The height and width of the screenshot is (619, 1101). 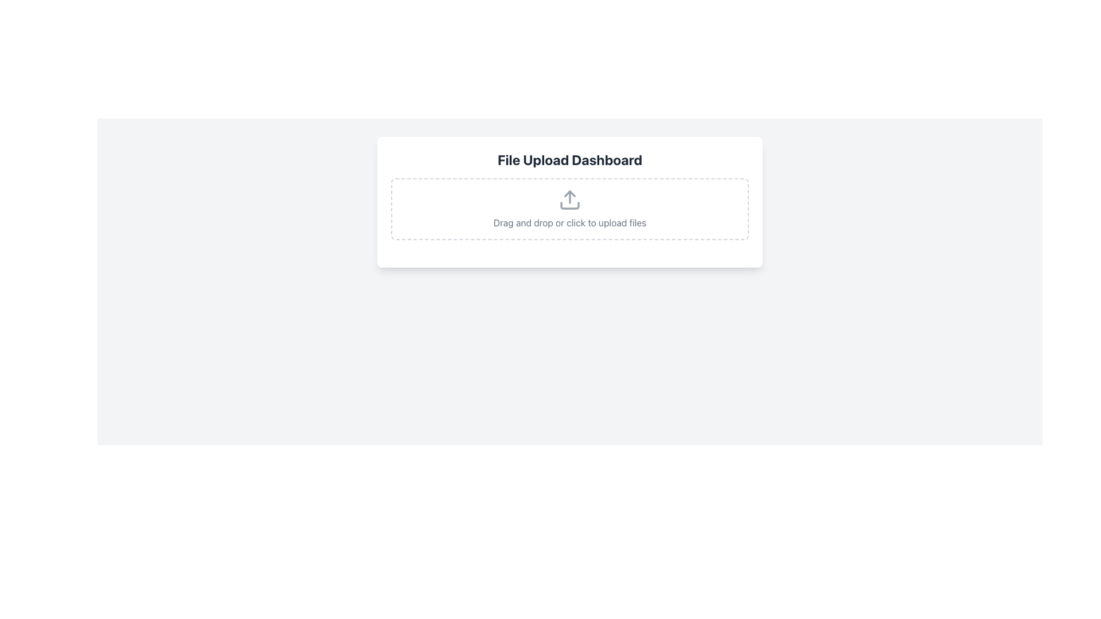 I want to click on the file upload informative display which includes an upload icon and the text 'Drag and drop or click to upload files', so click(x=569, y=209).